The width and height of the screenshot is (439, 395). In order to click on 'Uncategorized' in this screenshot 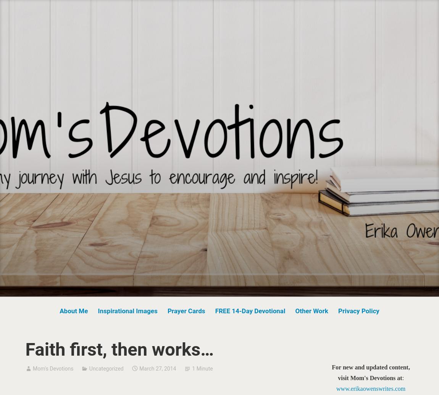, I will do `click(105, 367)`.